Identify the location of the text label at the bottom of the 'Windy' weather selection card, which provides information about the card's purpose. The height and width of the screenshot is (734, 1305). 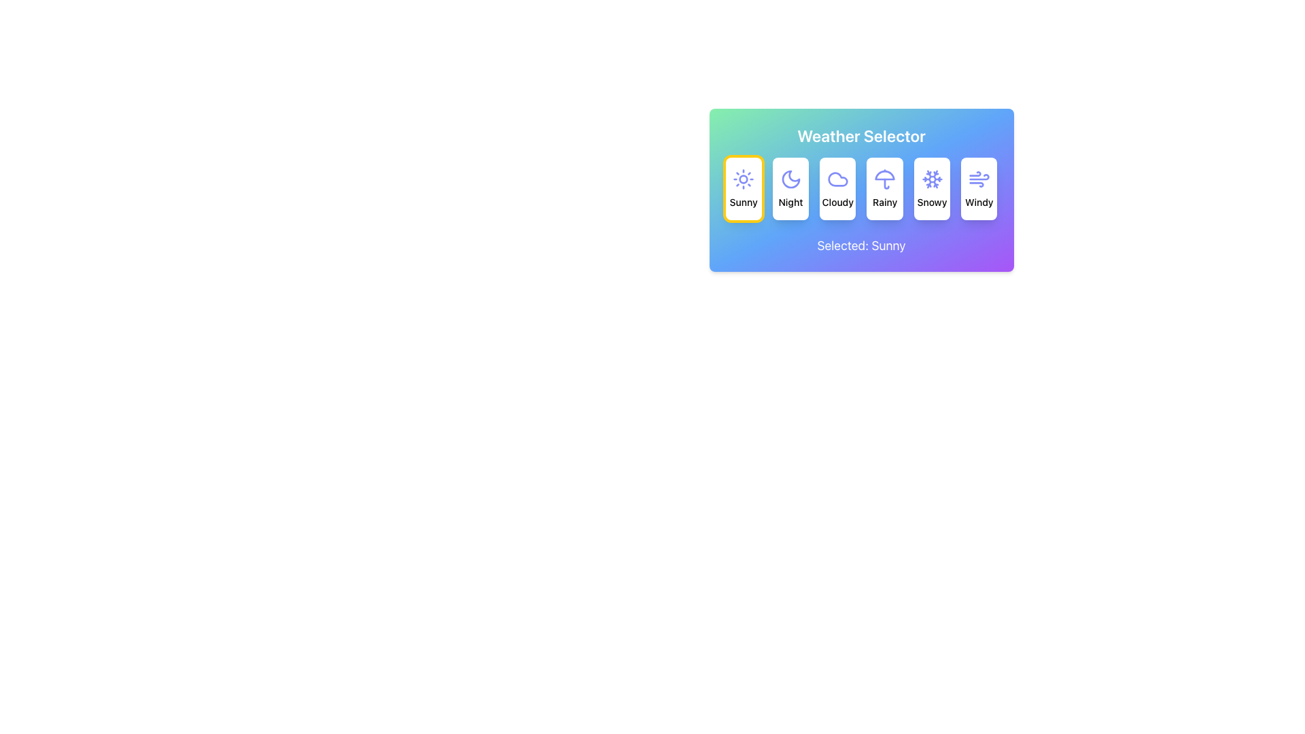
(979, 202).